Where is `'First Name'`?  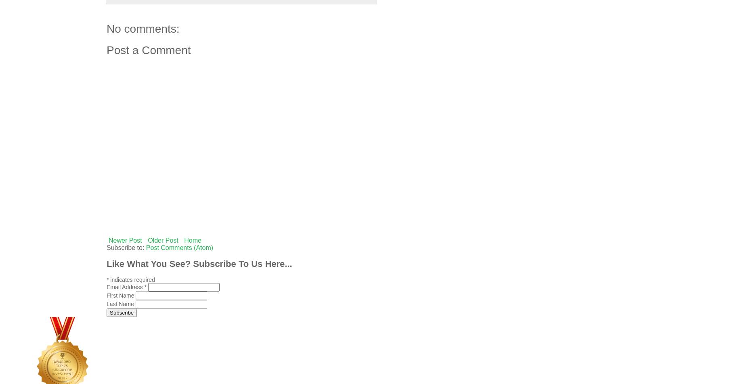 'First Name' is located at coordinates (120, 295).